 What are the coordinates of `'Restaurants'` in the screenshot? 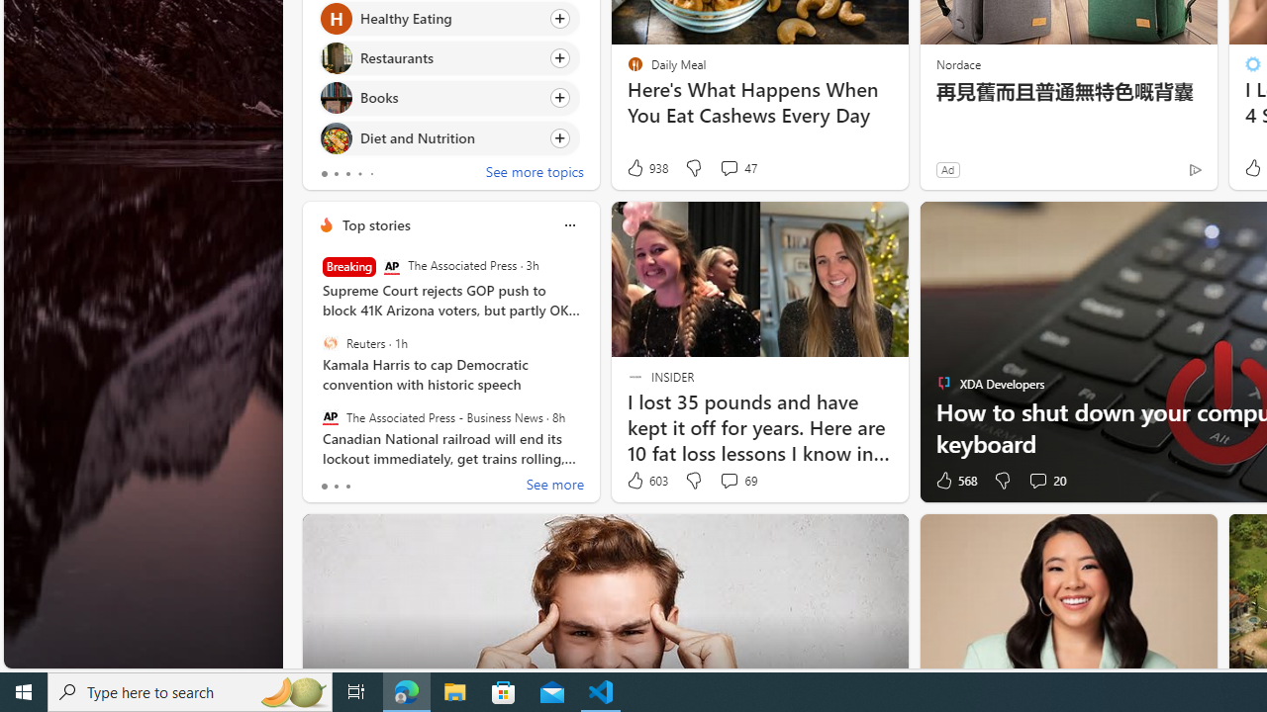 It's located at (336, 57).